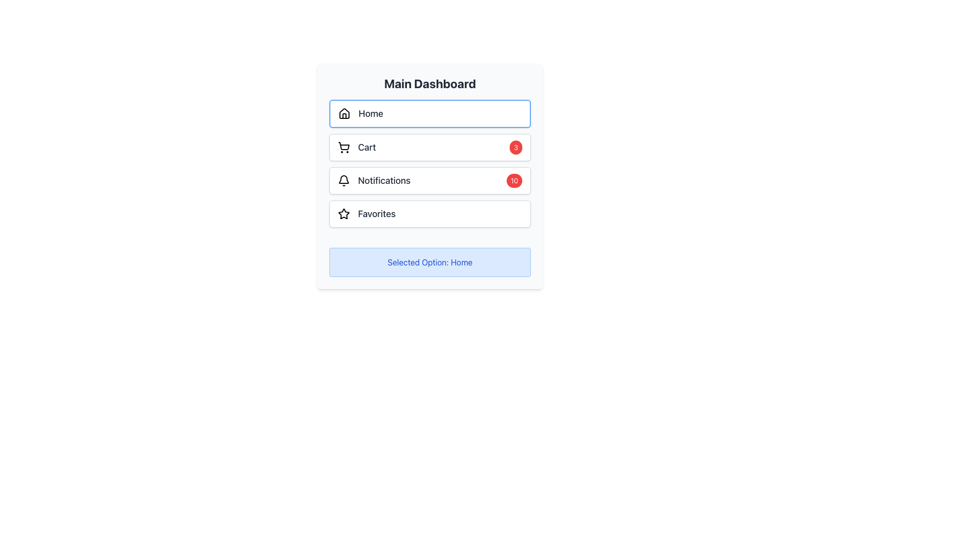 The width and height of the screenshot is (967, 544). I want to click on the 'Cart' icon located to the left of the 'Cart' text label in the Main Dashboard, so click(343, 148).